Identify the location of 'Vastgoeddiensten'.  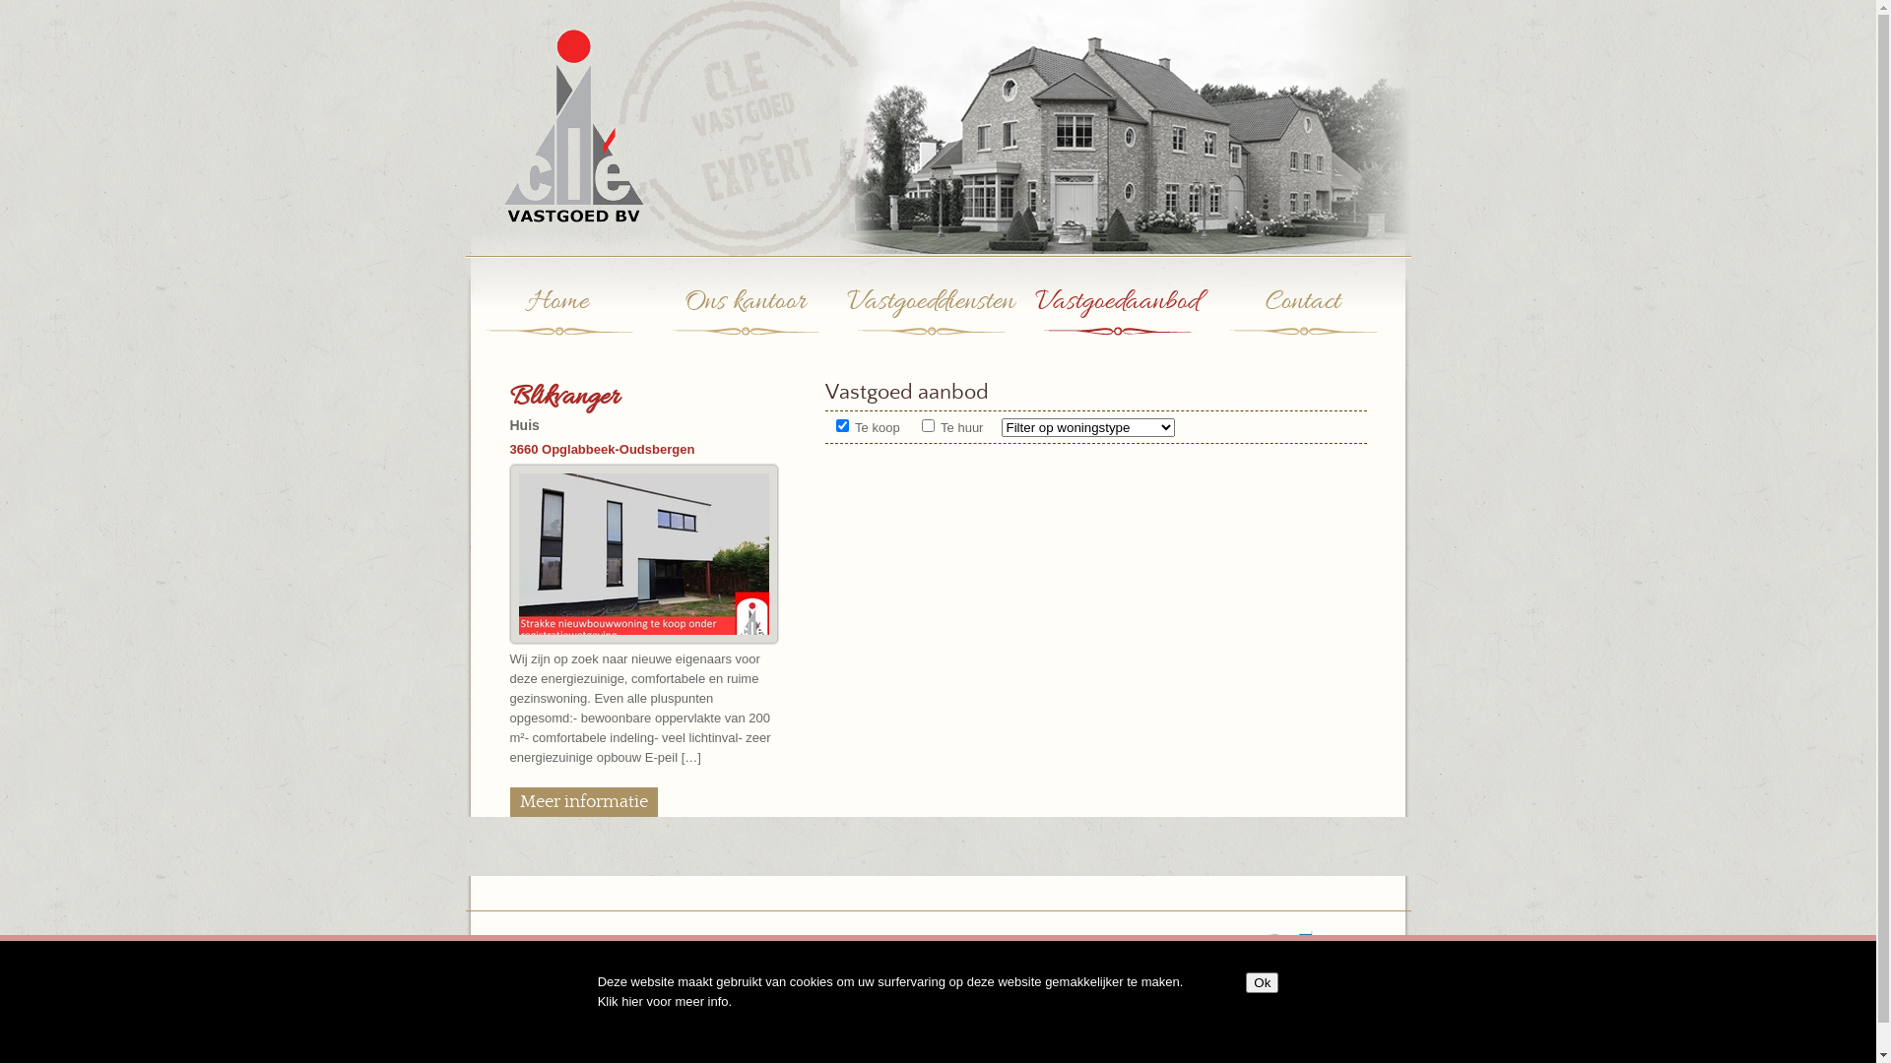
(929, 321).